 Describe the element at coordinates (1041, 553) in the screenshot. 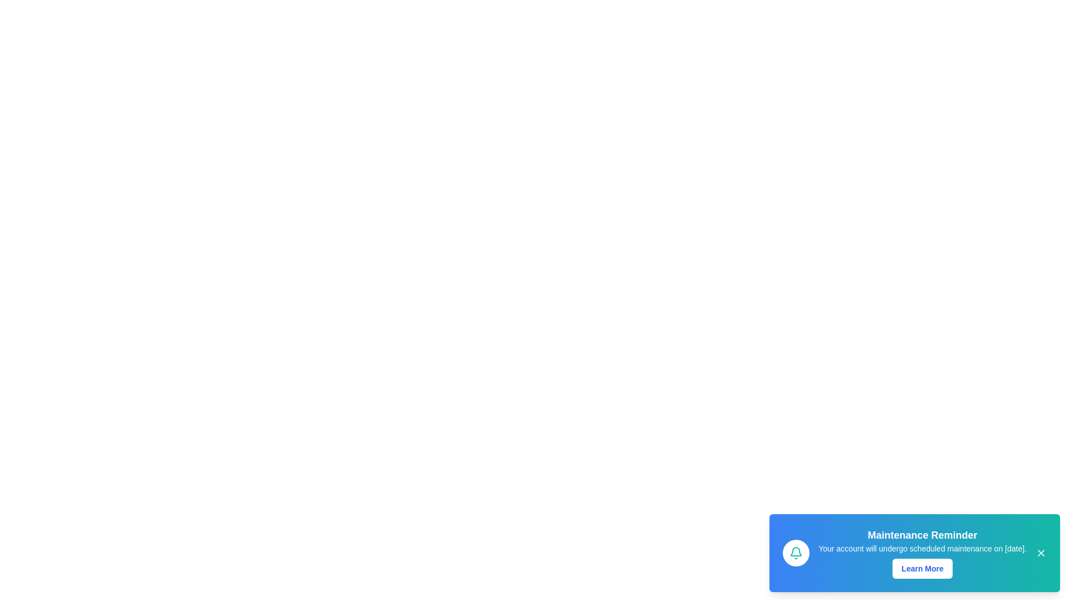

I see `the circular button styled as a white 'X' on a teal background located at the far-right end of the notification panel` at that location.